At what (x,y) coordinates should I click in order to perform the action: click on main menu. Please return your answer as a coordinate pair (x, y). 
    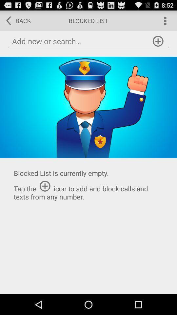
    Looking at the image, I should click on (165, 20).